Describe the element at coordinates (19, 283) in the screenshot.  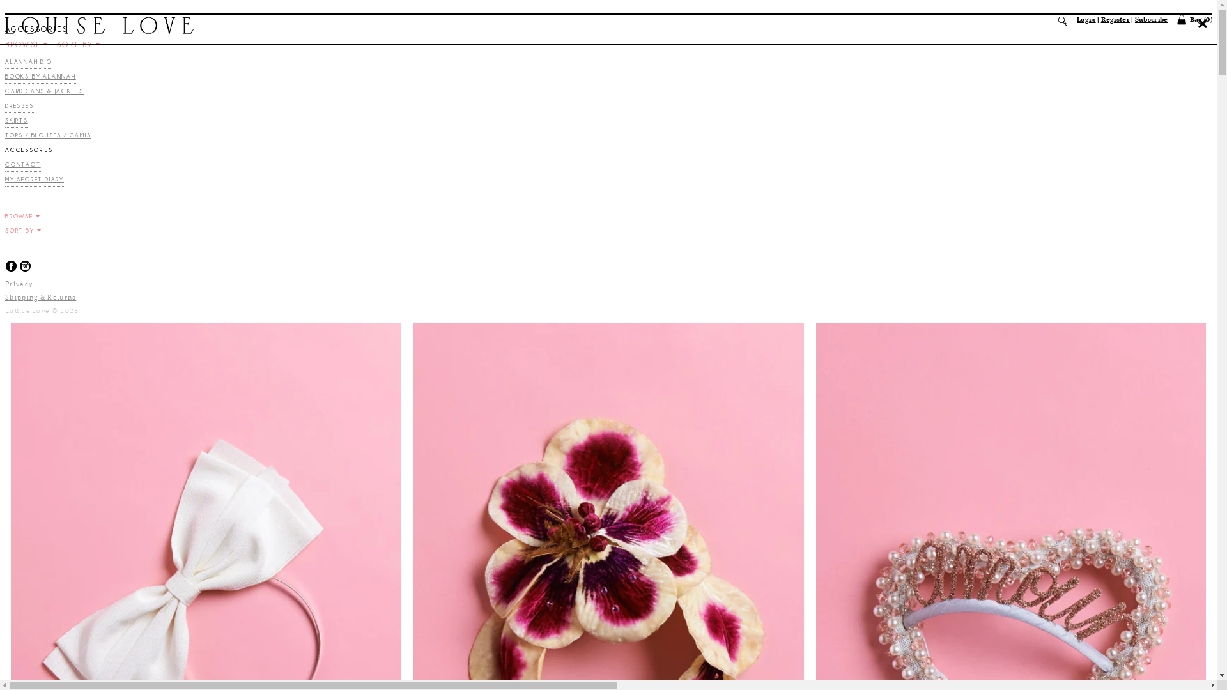
I see `'Privacy'` at that location.